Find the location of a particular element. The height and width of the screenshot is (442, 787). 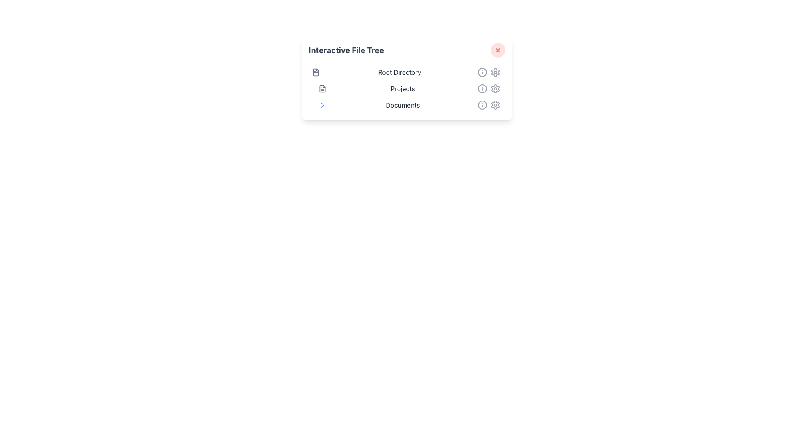

the right-pointing chevron icon located to the right of the 'Documents' label in the third row of the file tree component is located at coordinates (322, 105).